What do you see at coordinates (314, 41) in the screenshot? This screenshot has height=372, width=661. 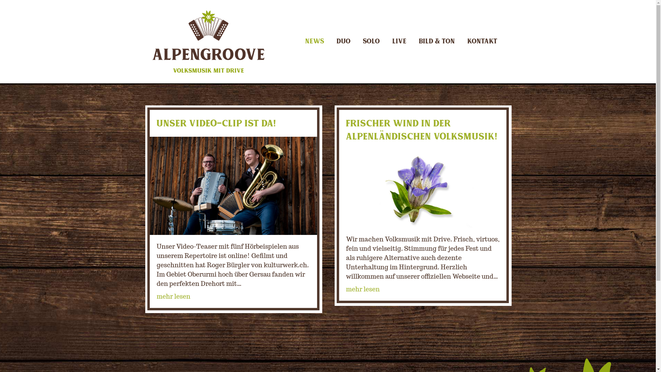 I see `'NEWS'` at bounding box center [314, 41].